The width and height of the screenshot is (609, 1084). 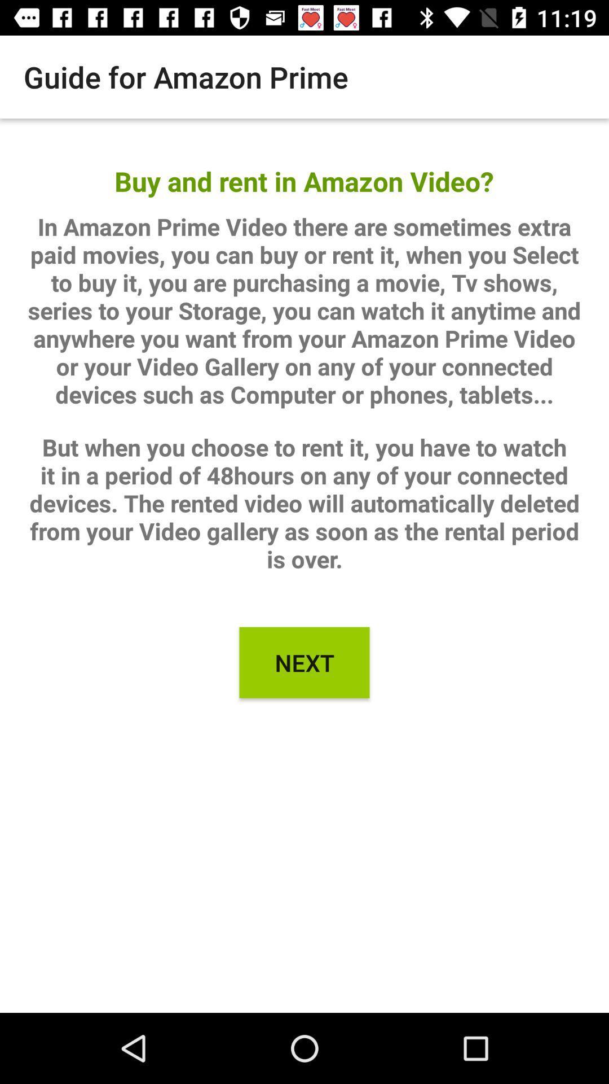 I want to click on item below but when you, so click(x=304, y=662).